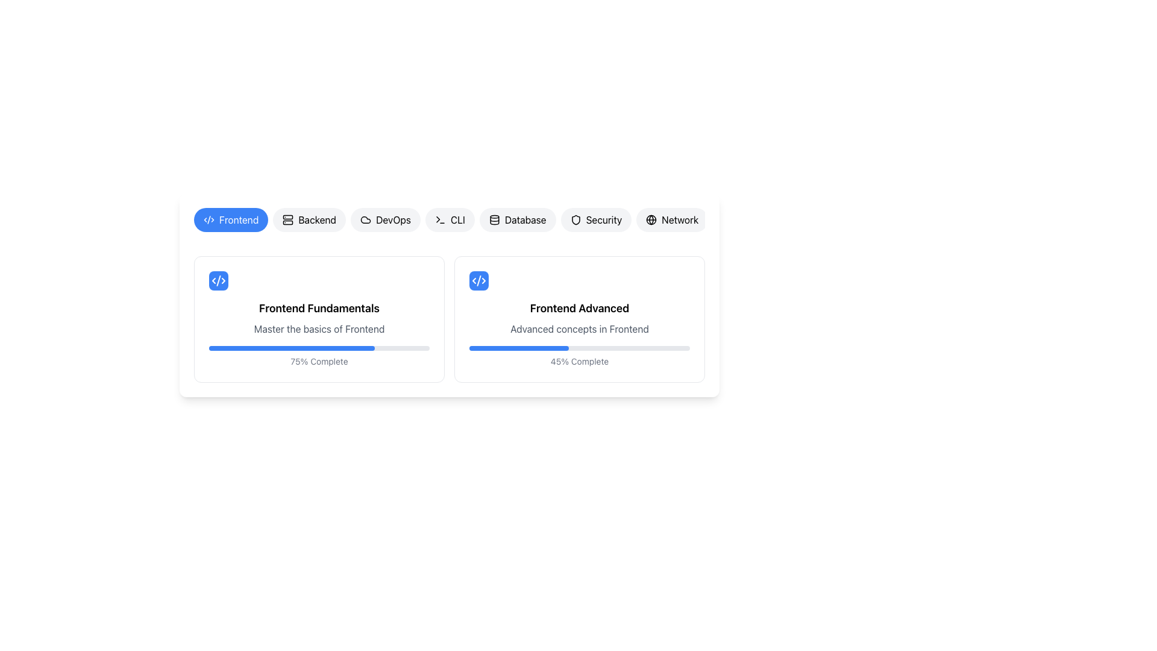 This screenshot has height=651, width=1157. What do you see at coordinates (579, 361) in the screenshot?
I see `text label element that displays '45% Complete', located at the bottom-right of the 'Frontend Advanced' card` at bounding box center [579, 361].